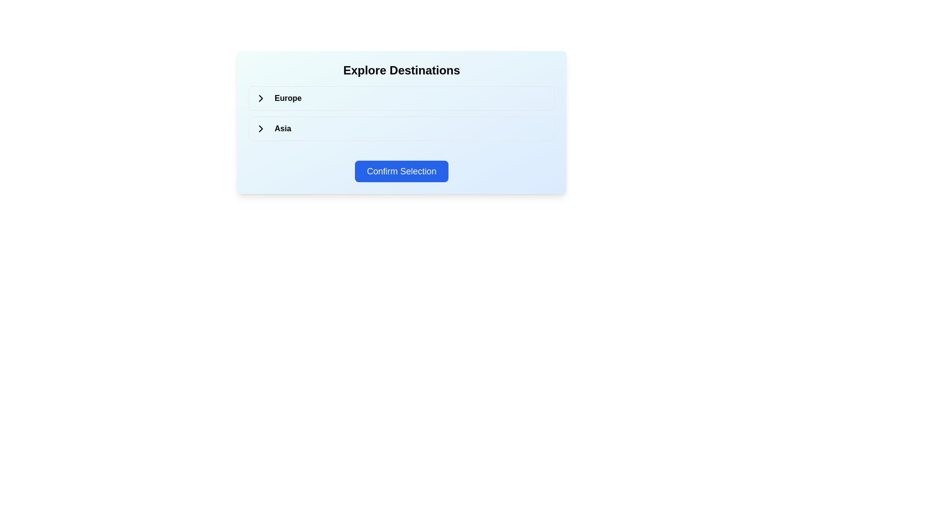 The image size is (940, 529). What do you see at coordinates (401, 171) in the screenshot?
I see `the 'Confirm Selection' button, which is a rectangular blue button with rounded corners, centered horizontally in a light background section, positioned below the 'Asia' selection option` at bounding box center [401, 171].